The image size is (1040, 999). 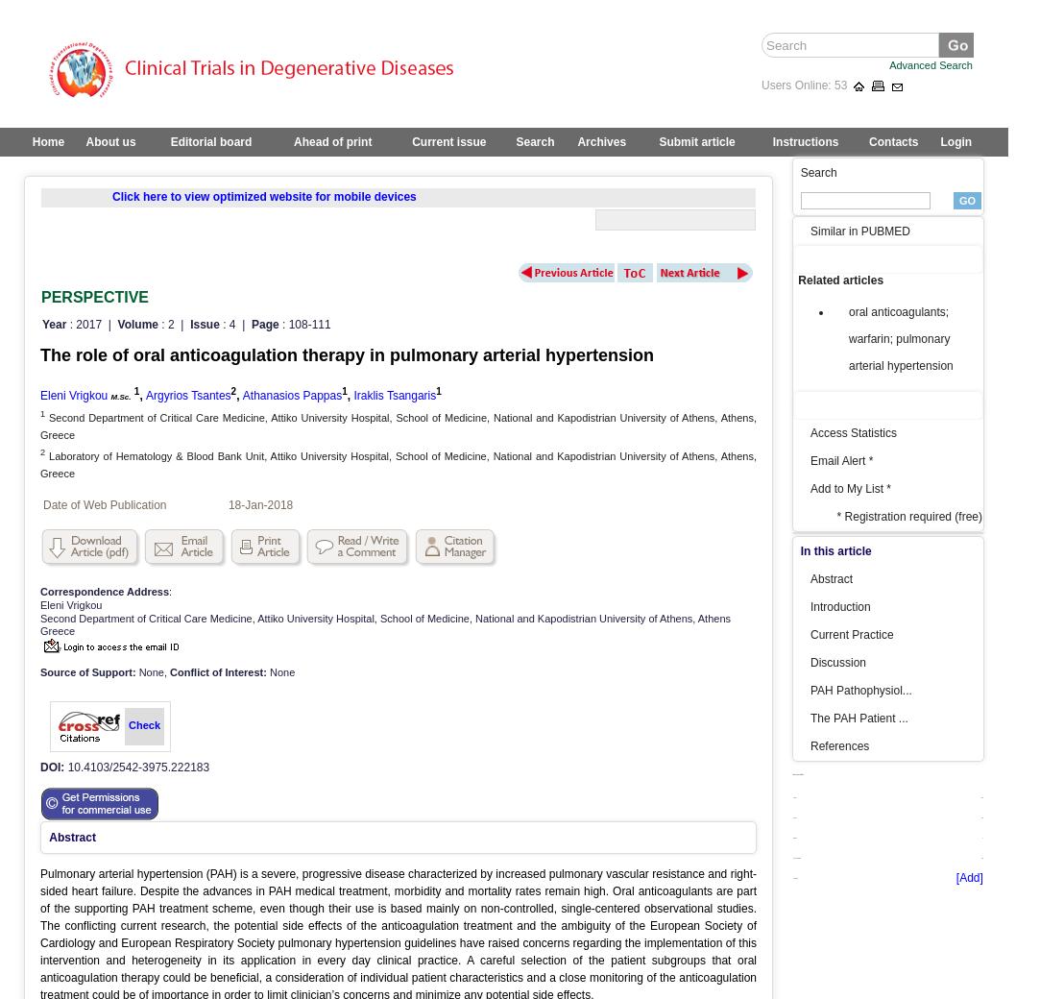 I want to click on 'Current issue', so click(x=447, y=141).